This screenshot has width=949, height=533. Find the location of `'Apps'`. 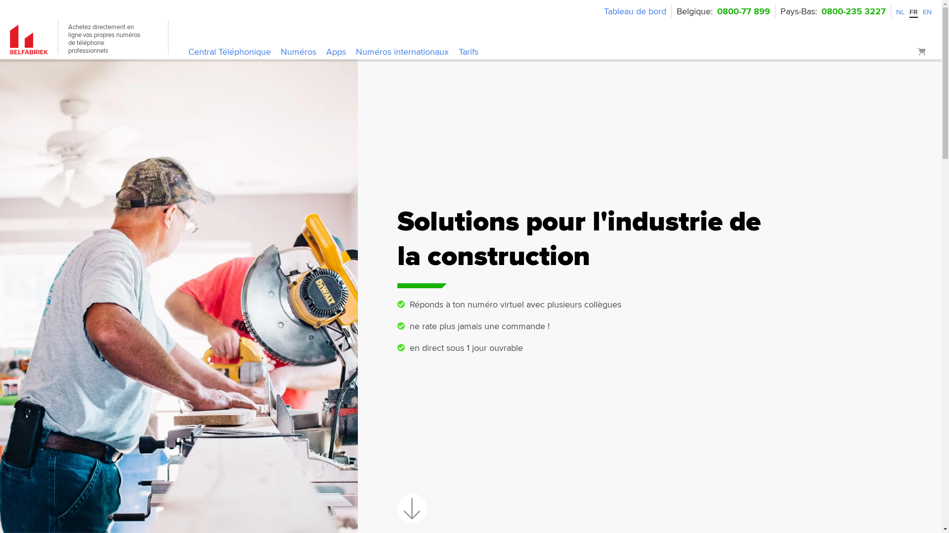

'Apps' is located at coordinates (326, 52).